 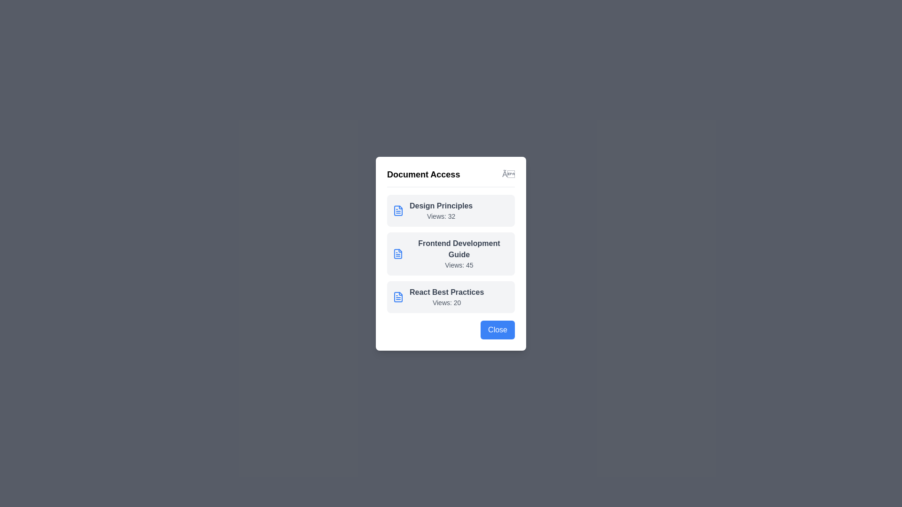 What do you see at coordinates (507, 174) in the screenshot?
I see `the close button to close the dialog` at bounding box center [507, 174].